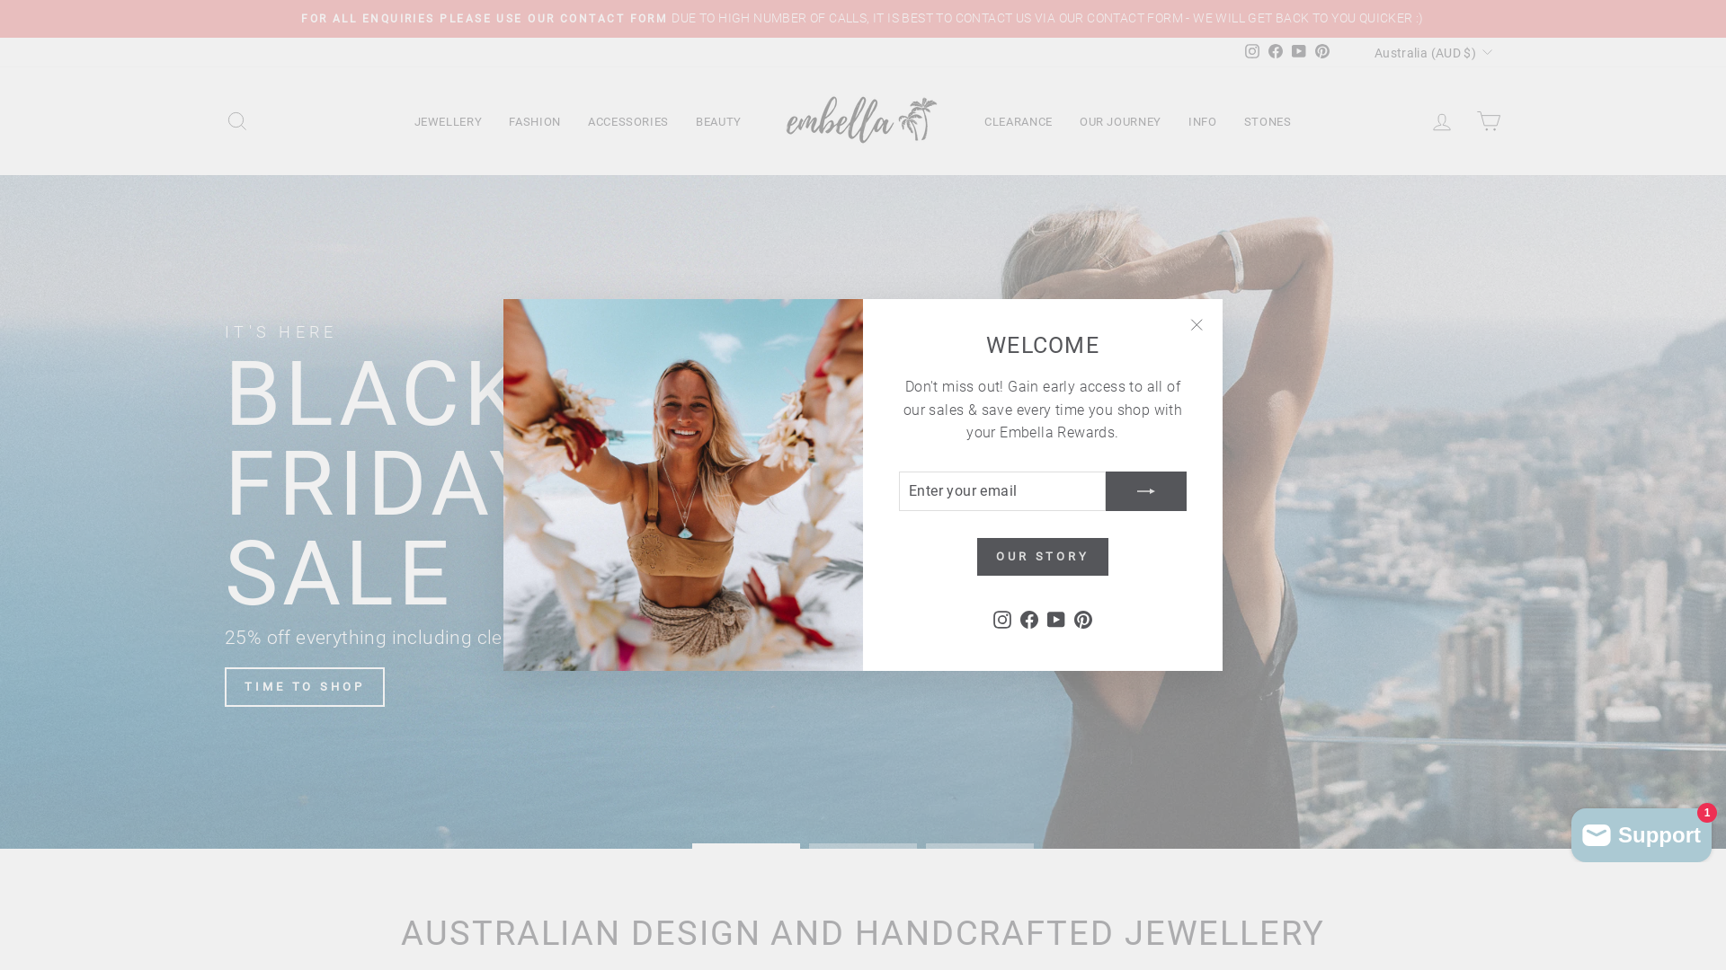 The height and width of the screenshot is (970, 1726). Describe the element at coordinates (534, 121) in the screenshot. I see `'FASHION'` at that location.